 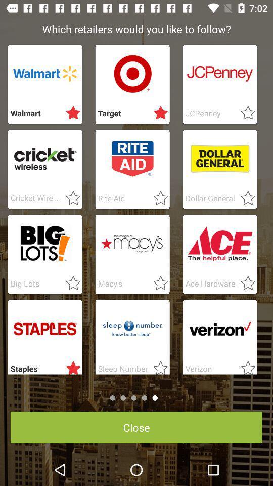 What do you see at coordinates (158, 113) in the screenshot?
I see `starred` at bounding box center [158, 113].